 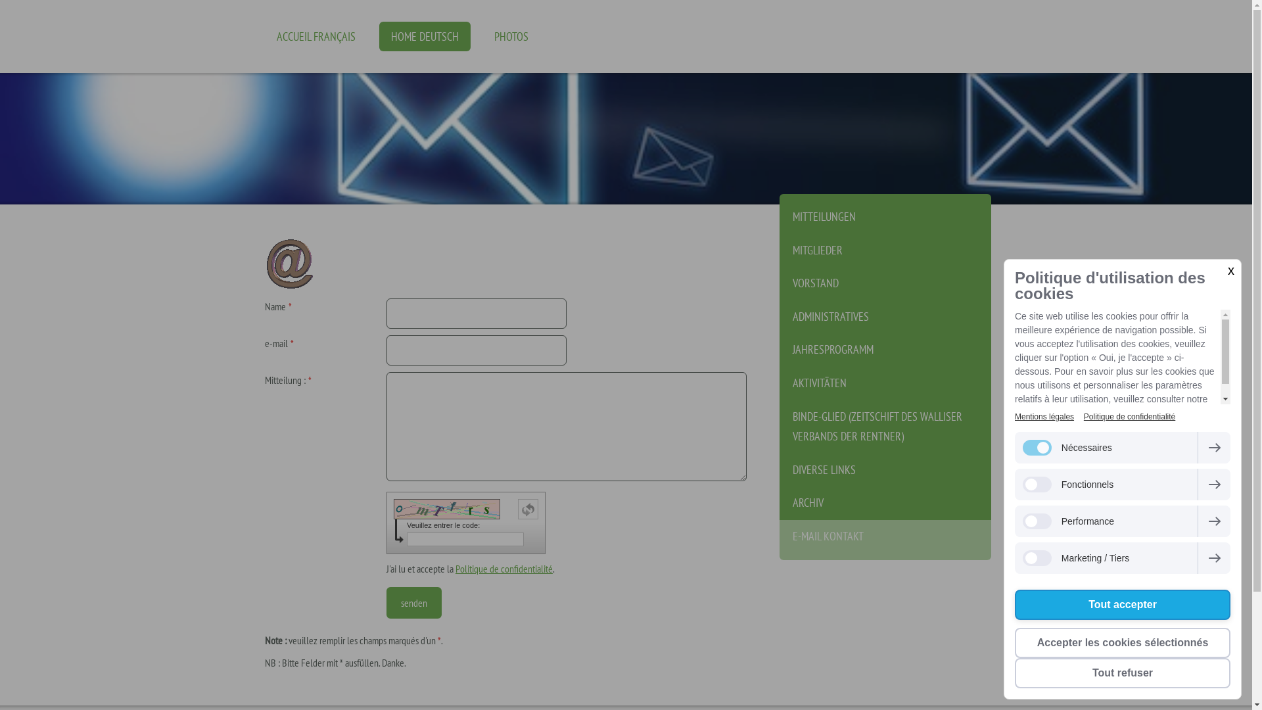 What do you see at coordinates (1122, 605) in the screenshot?
I see `'Tout accepter'` at bounding box center [1122, 605].